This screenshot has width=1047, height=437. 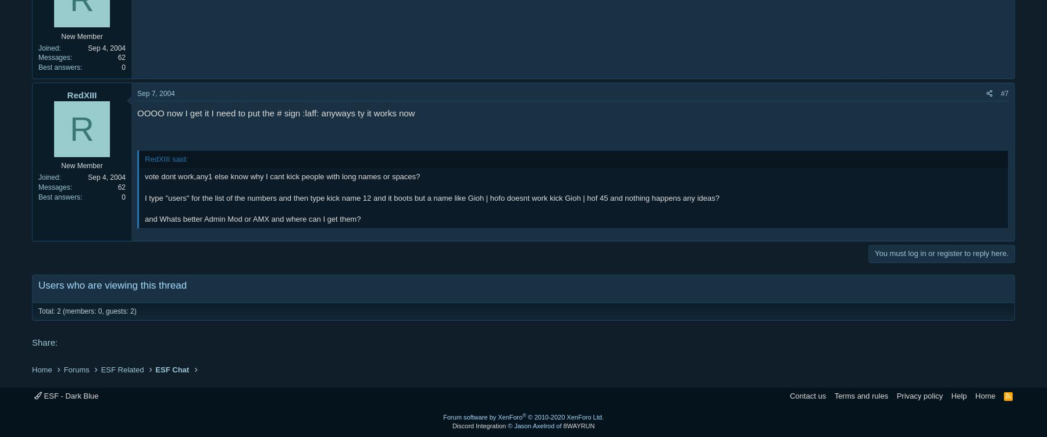 I want to click on '© 2010-2020 XenForo Ltd.', so click(x=527, y=416).